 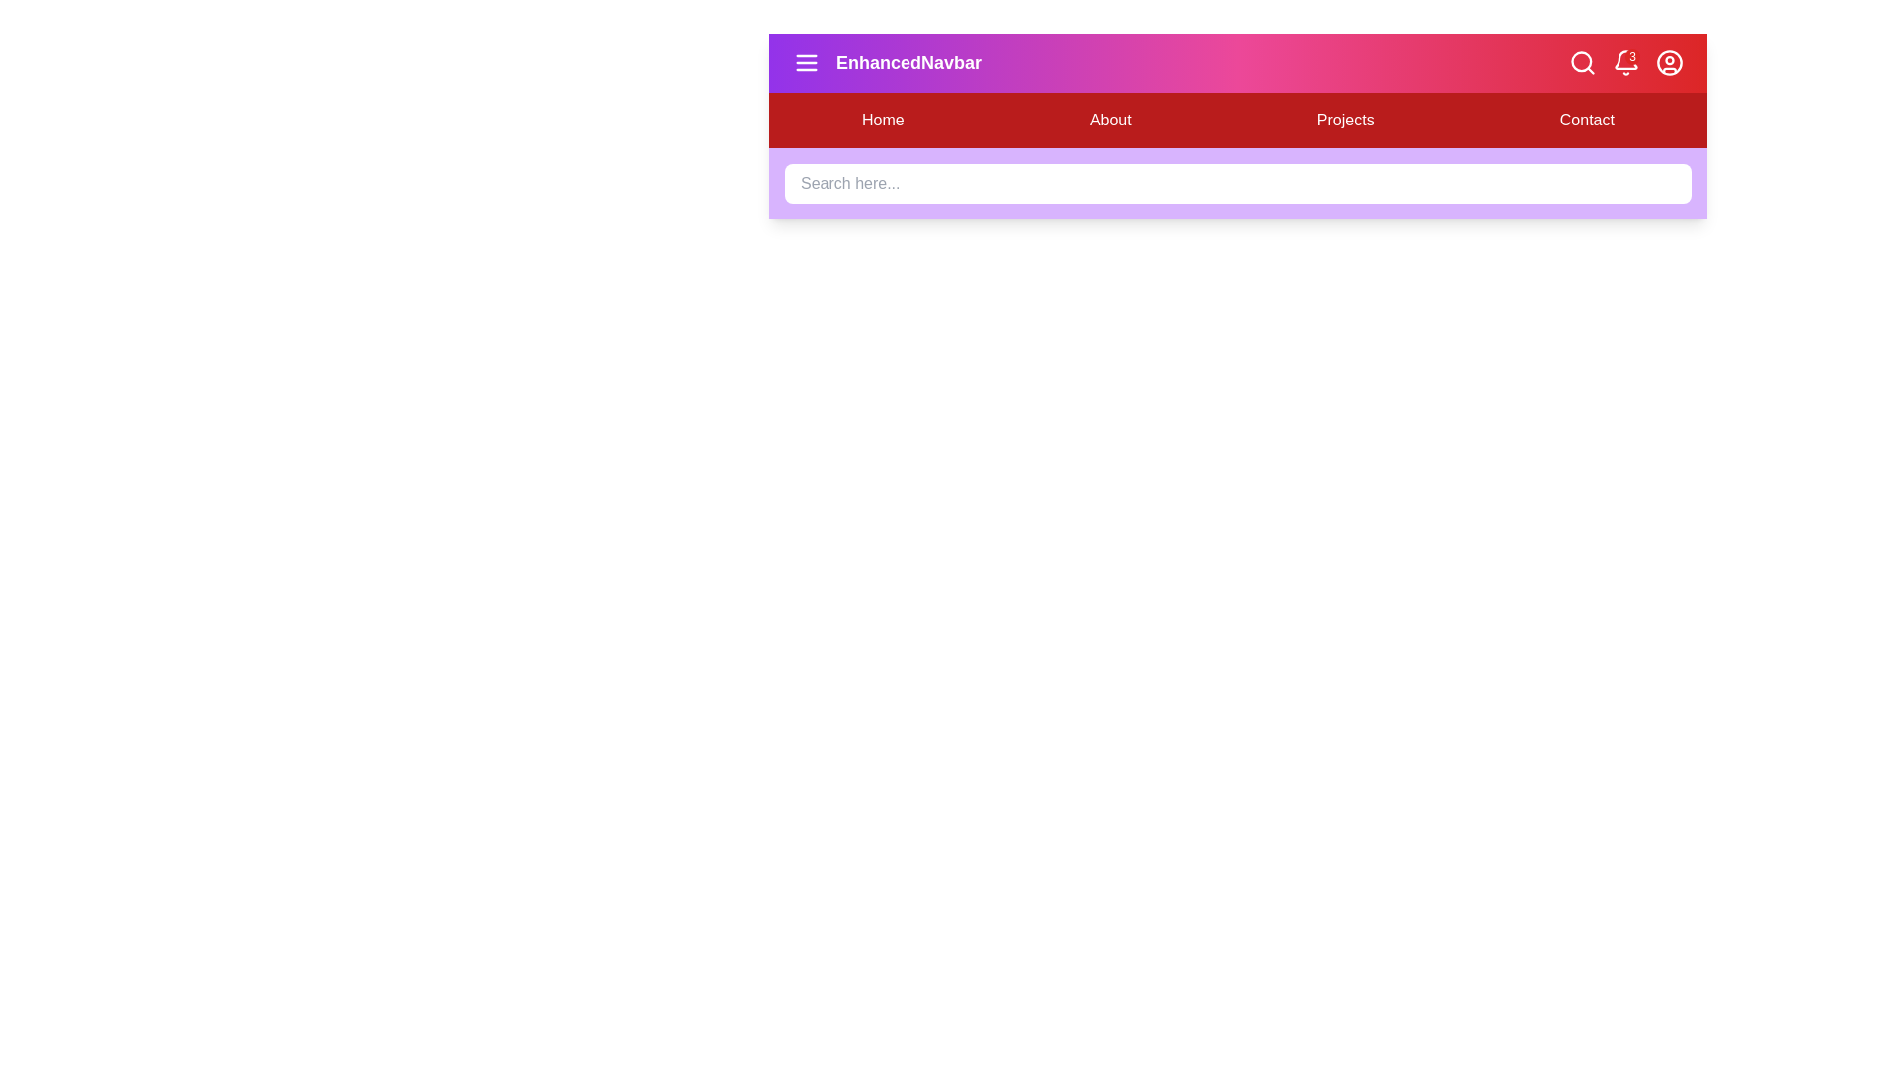 I want to click on menu button to toggle the menu visibility, so click(x=806, y=62).